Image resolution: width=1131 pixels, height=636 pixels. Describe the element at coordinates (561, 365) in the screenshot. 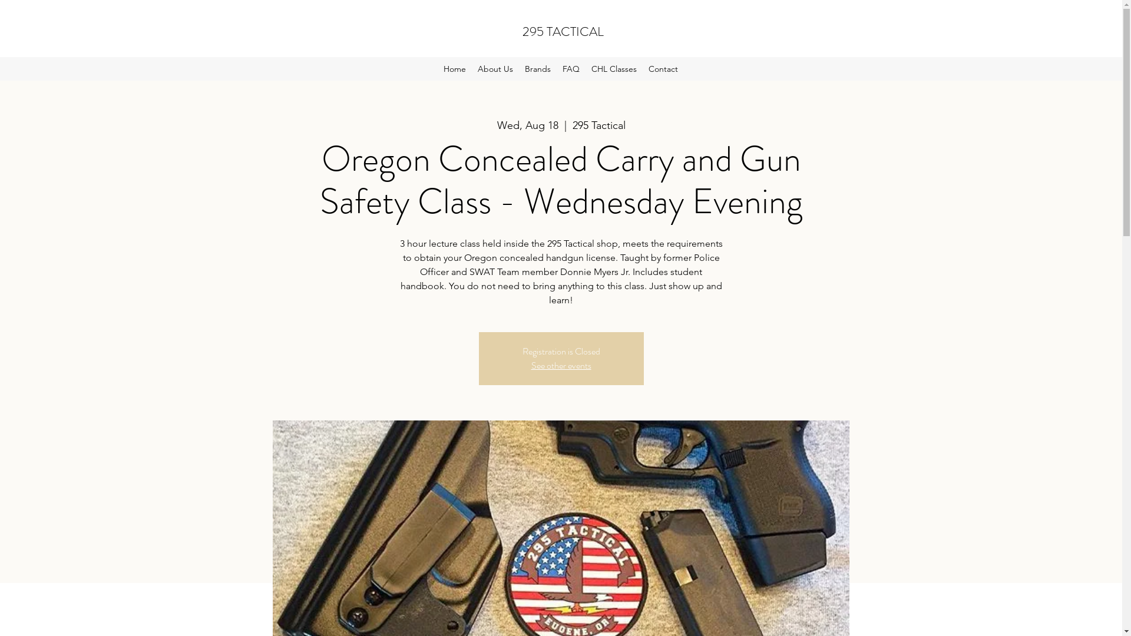

I see `'See other events'` at that location.